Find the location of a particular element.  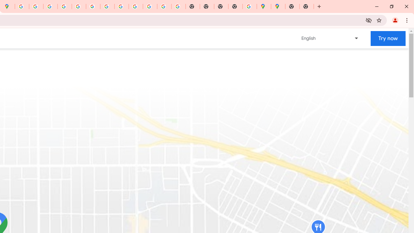

'Try now' is located at coordinates (388, 38).